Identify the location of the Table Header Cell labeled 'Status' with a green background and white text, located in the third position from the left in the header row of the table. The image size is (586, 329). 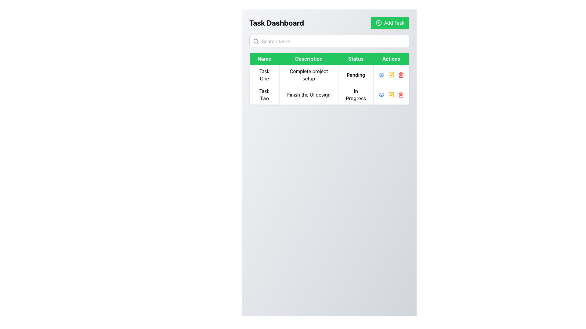
(356, 59).